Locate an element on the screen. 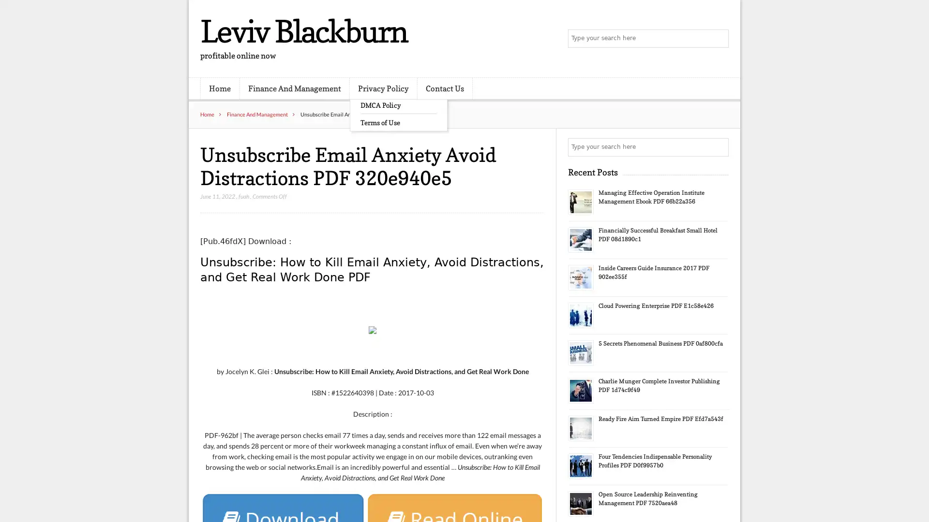 This screenshot has width=929, height=522. Search is located at coordinates (719, 147).